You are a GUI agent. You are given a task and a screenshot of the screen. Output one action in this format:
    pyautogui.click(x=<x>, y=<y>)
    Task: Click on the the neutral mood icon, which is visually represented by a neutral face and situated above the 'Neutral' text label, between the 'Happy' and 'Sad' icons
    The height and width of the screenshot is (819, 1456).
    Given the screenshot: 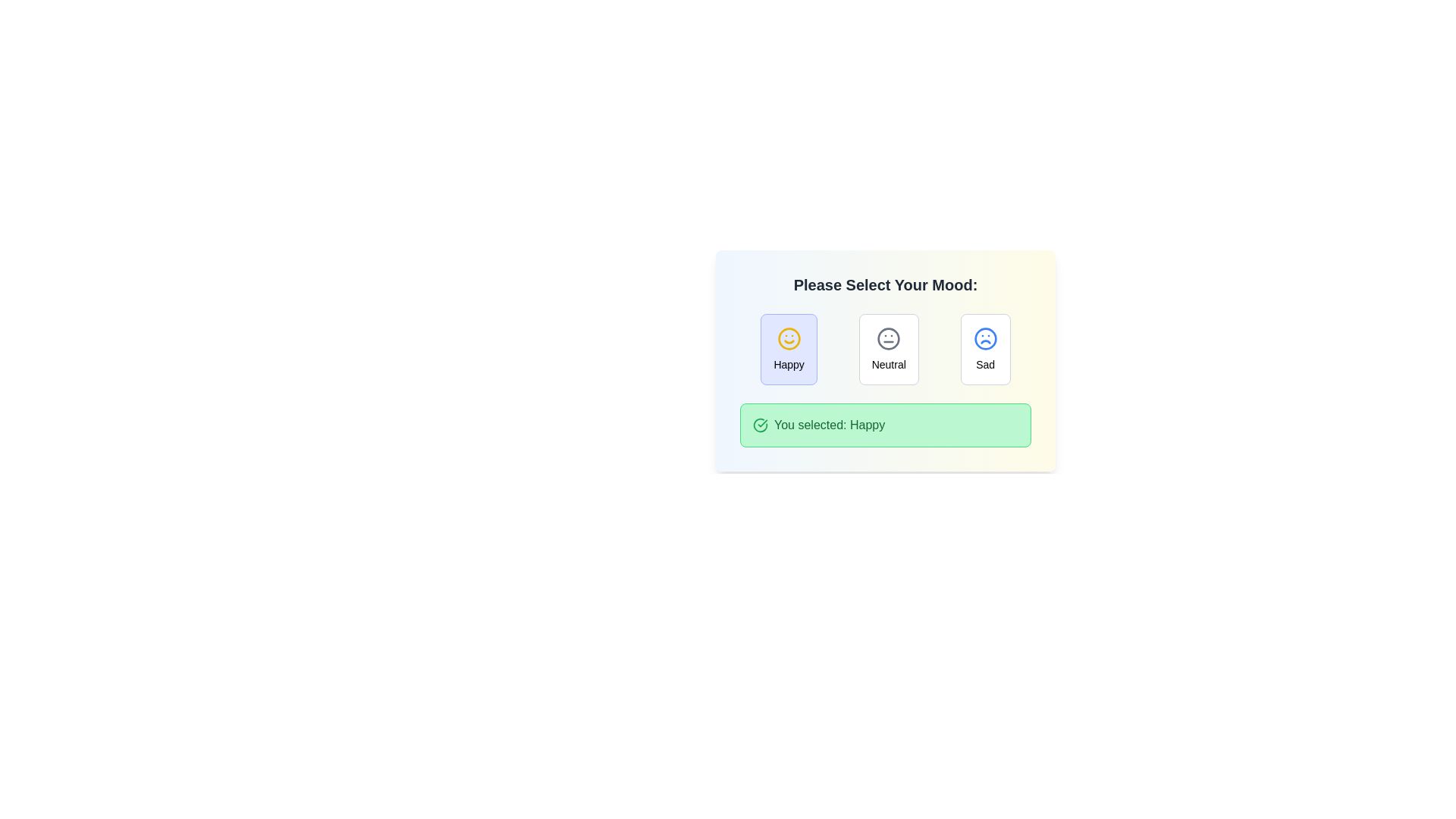 What is the action you would take?
    pyautogui.click(x=889, y=338)
    